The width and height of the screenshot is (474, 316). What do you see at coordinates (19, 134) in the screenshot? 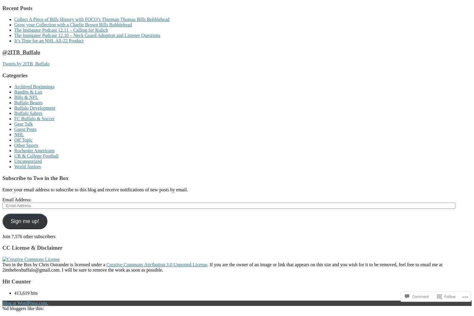
I see `'NHL'` at bounding box center [19, 134].